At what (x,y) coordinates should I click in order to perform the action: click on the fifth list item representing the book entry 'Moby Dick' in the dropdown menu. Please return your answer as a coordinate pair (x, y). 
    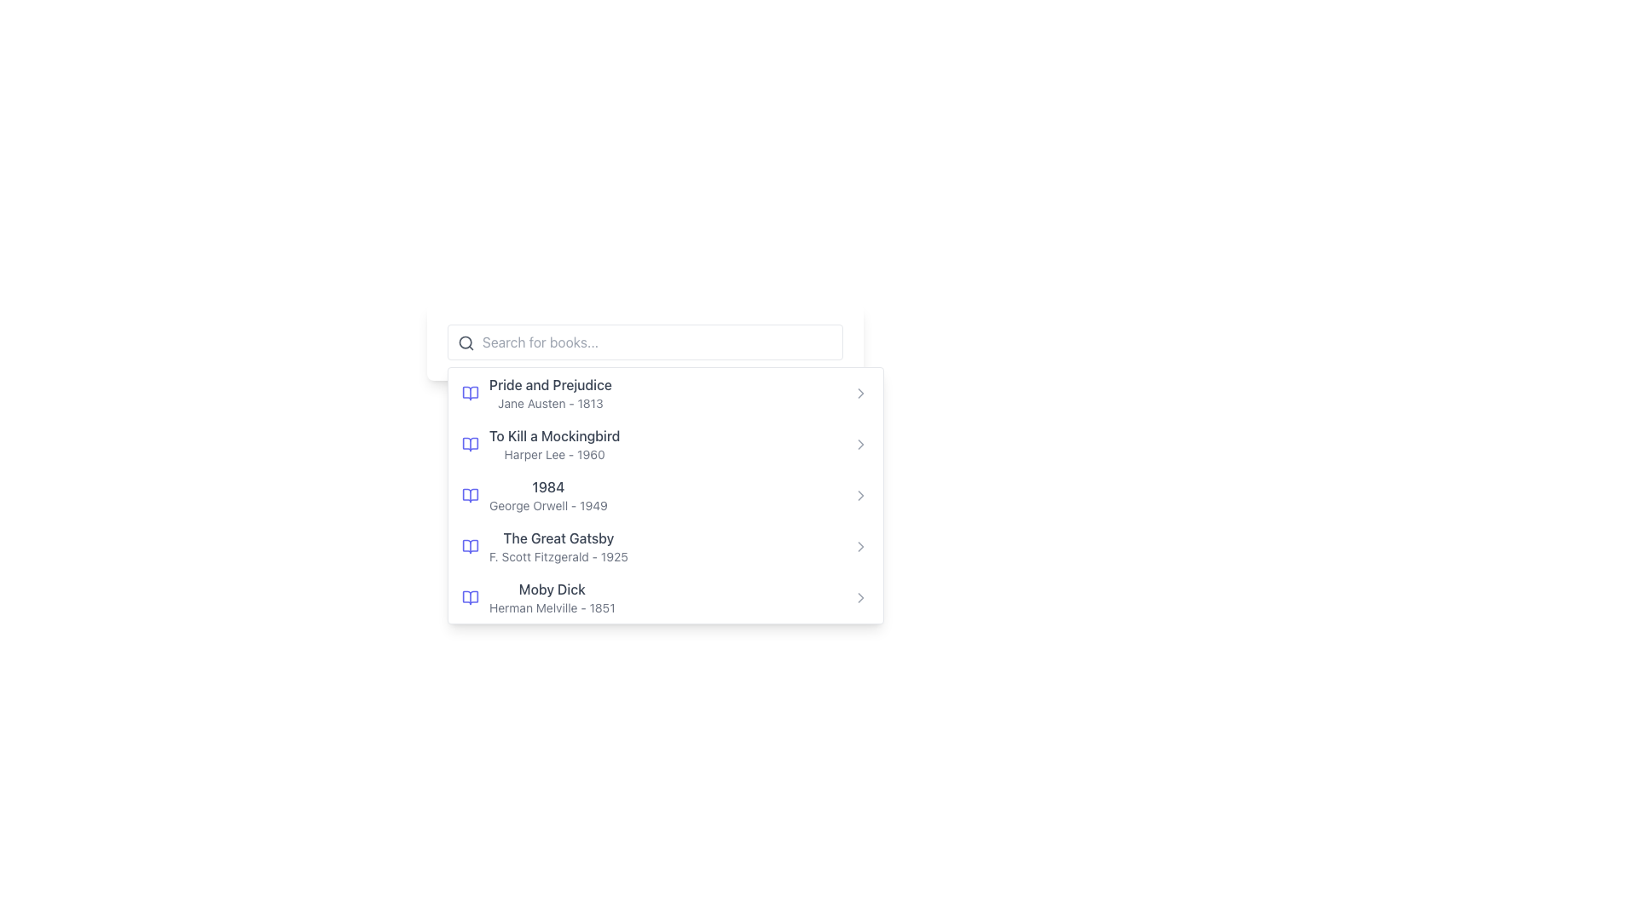
    Looking at the image, I should click on (665, 597).